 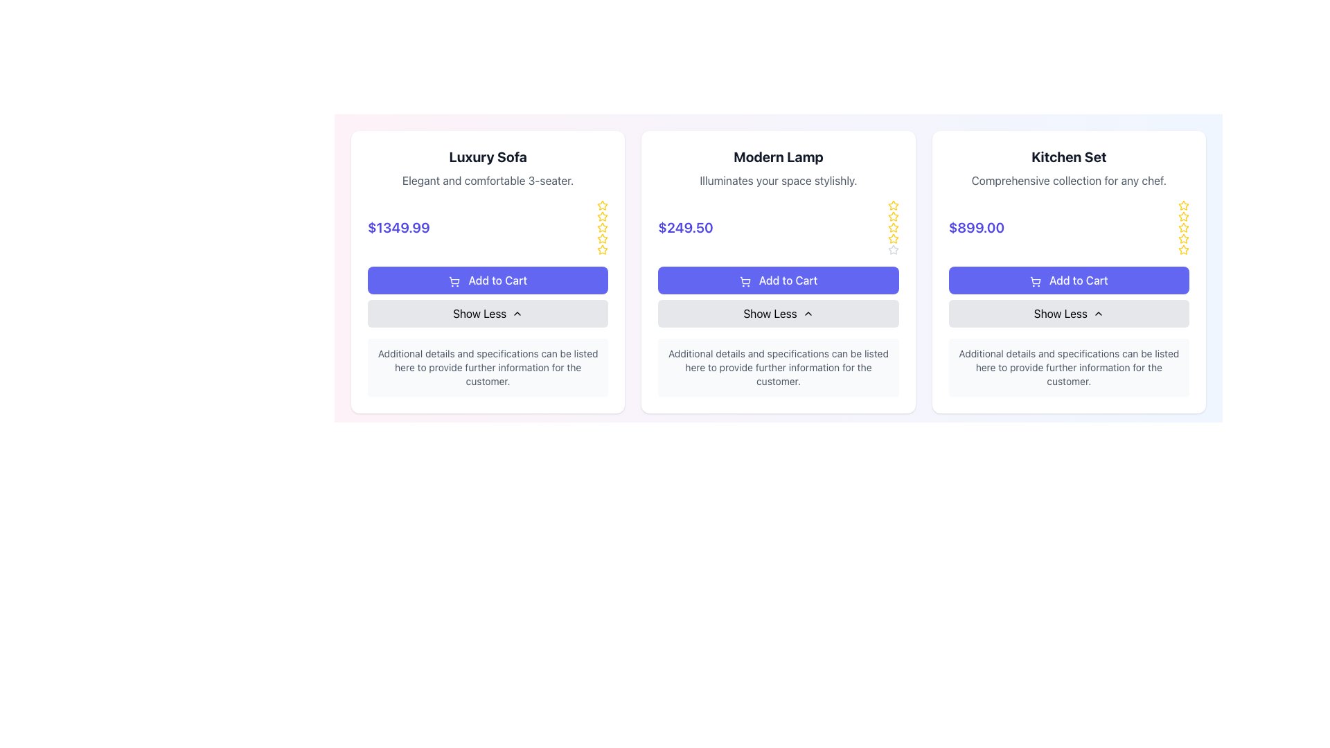 What do you see at coordinates (488, 157) in the screenshot?
I see `product title text label located at the top of the luxury sofa product card, which serves as the primary identifier for the product` at bounding box center [488, 157].